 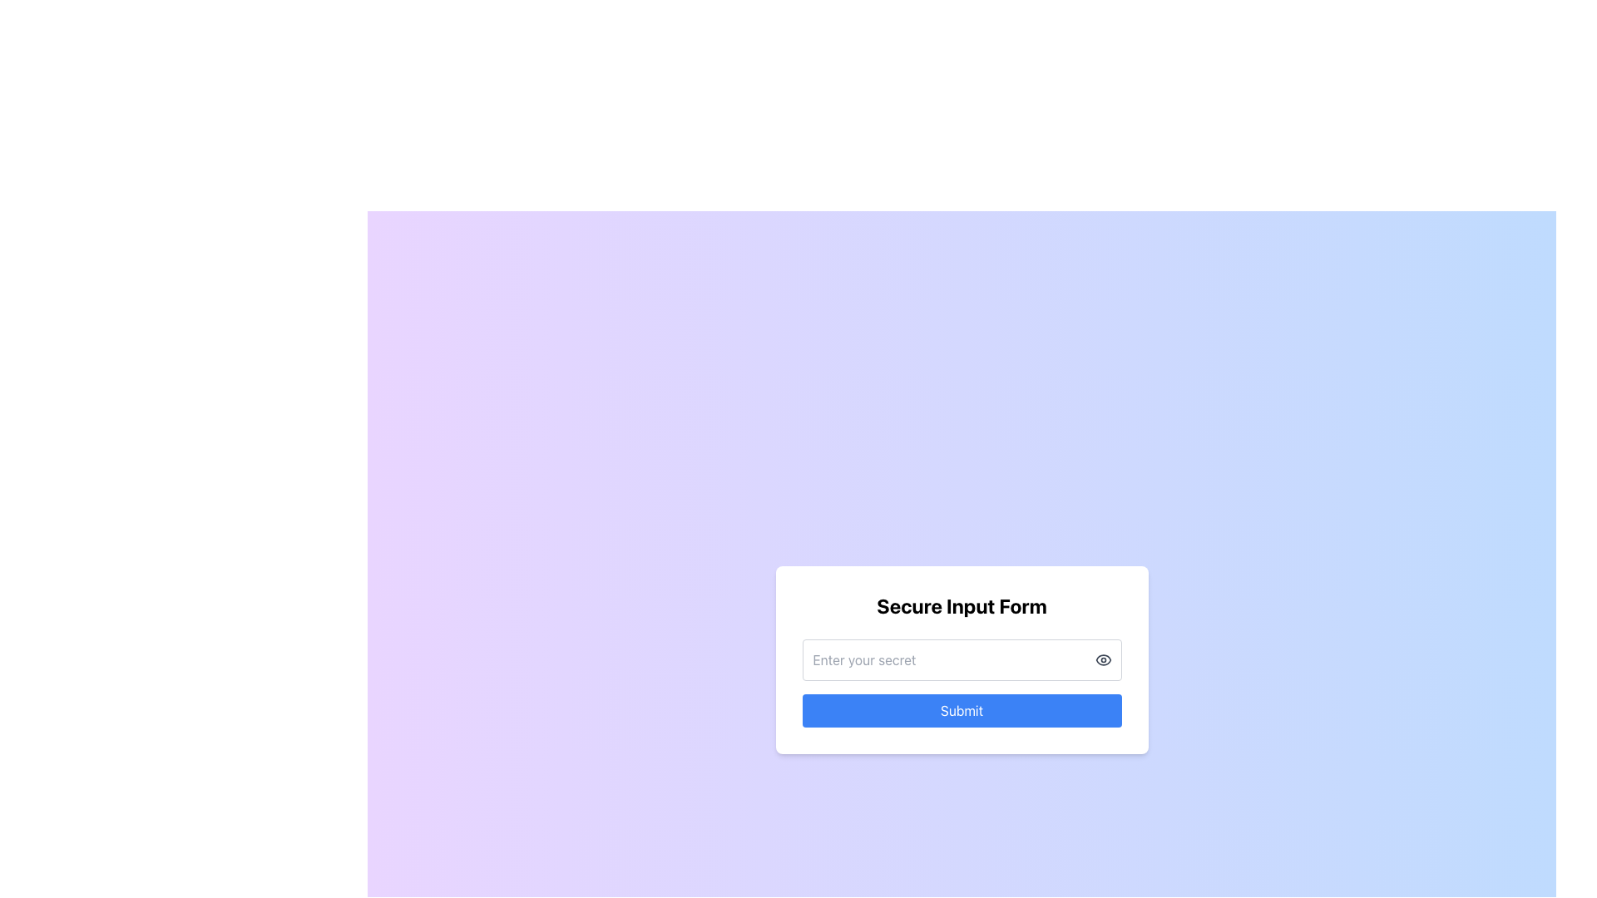 What do you see at coordinates (1103, 659) in the screenshot?
I see `the icon button that toggles the visibility of the password input, located at the far right of the input field` at bounding box center [1103, 659].